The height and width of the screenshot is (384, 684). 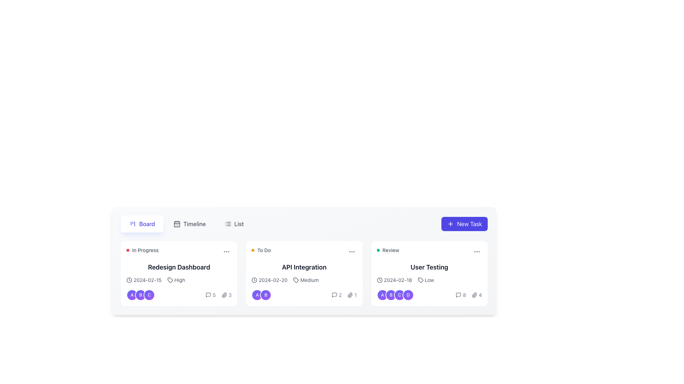 What do you see at coordinates (273, 279) in the screenshot?
I see `the date text label displaying '2024-02-20', which is part of the 'API Integration' card in the task management interface` at bounding box center [273, 279].